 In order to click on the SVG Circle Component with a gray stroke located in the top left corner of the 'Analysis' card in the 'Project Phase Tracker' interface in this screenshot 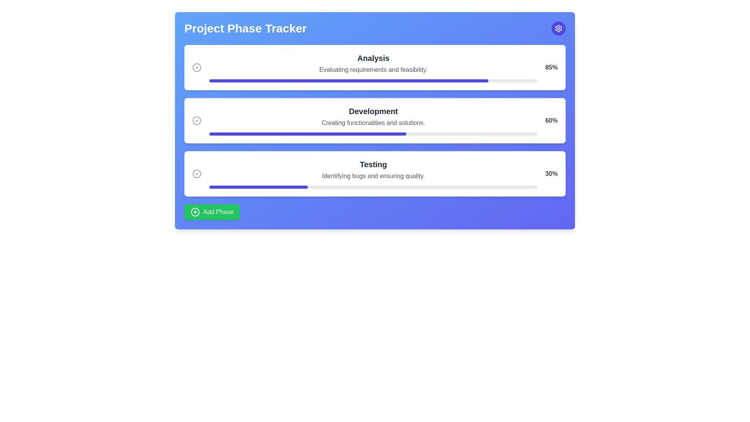, I will do `click(197, 67)`.